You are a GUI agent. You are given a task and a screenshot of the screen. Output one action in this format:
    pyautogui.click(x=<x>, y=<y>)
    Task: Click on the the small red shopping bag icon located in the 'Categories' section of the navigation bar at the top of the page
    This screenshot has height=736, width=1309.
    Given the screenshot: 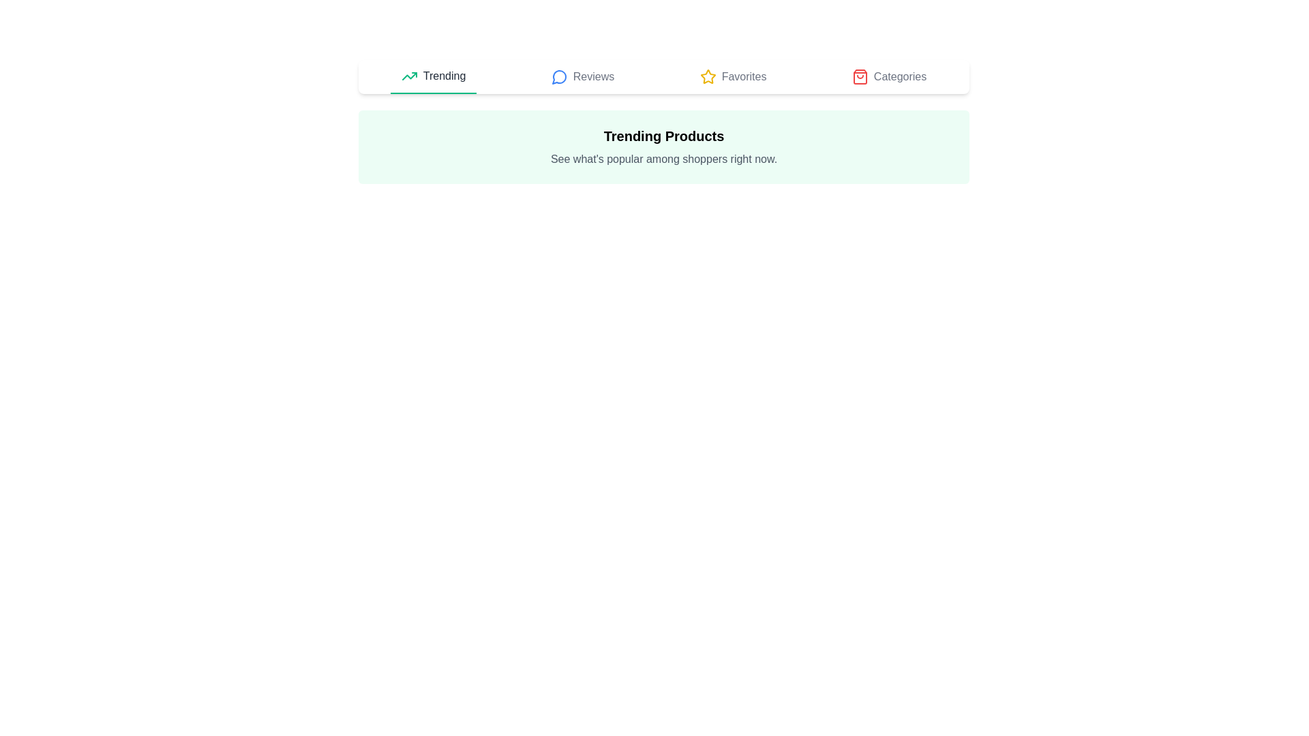 What is the action you would take?
    pyautogui.click(x=859, y=76)
    